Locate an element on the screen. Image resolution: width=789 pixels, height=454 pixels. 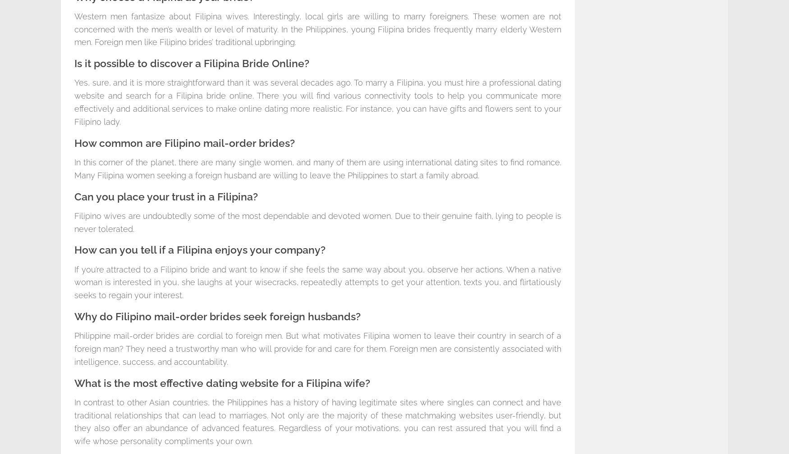
'What is the most effective dating website for a Filipina wife?' is located at coordinates (222, 383).